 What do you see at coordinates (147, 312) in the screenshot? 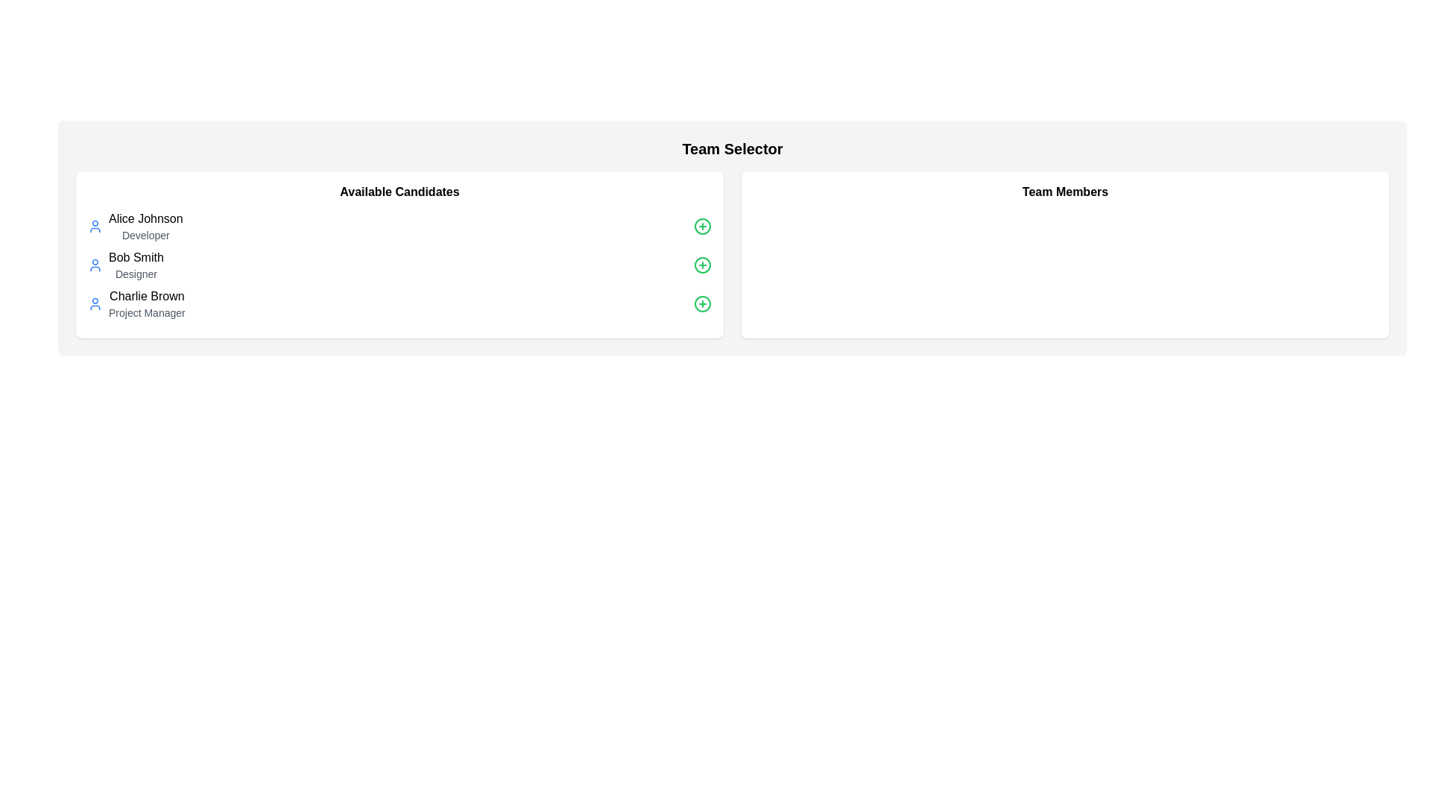
I see `the text label providing role or designation information associated with 'Charlie Brown', located in the 'Available Candidates' section, beneath the name text` at bounding box center [147, 312].